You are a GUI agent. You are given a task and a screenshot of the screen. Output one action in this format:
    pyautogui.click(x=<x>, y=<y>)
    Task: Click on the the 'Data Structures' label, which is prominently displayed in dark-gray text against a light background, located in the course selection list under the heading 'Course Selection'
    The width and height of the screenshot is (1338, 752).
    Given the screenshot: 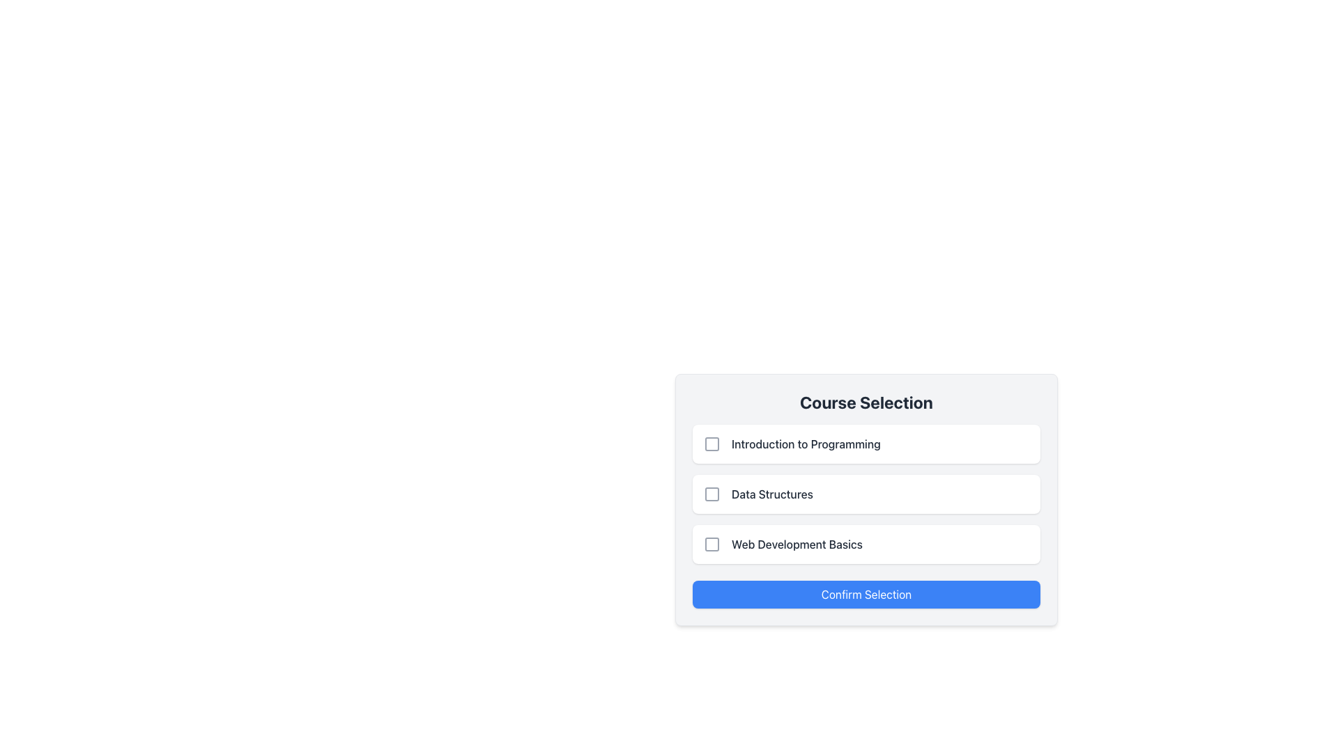 What is the action you would take?
    pyautogui.click(x=771, y=493)
    